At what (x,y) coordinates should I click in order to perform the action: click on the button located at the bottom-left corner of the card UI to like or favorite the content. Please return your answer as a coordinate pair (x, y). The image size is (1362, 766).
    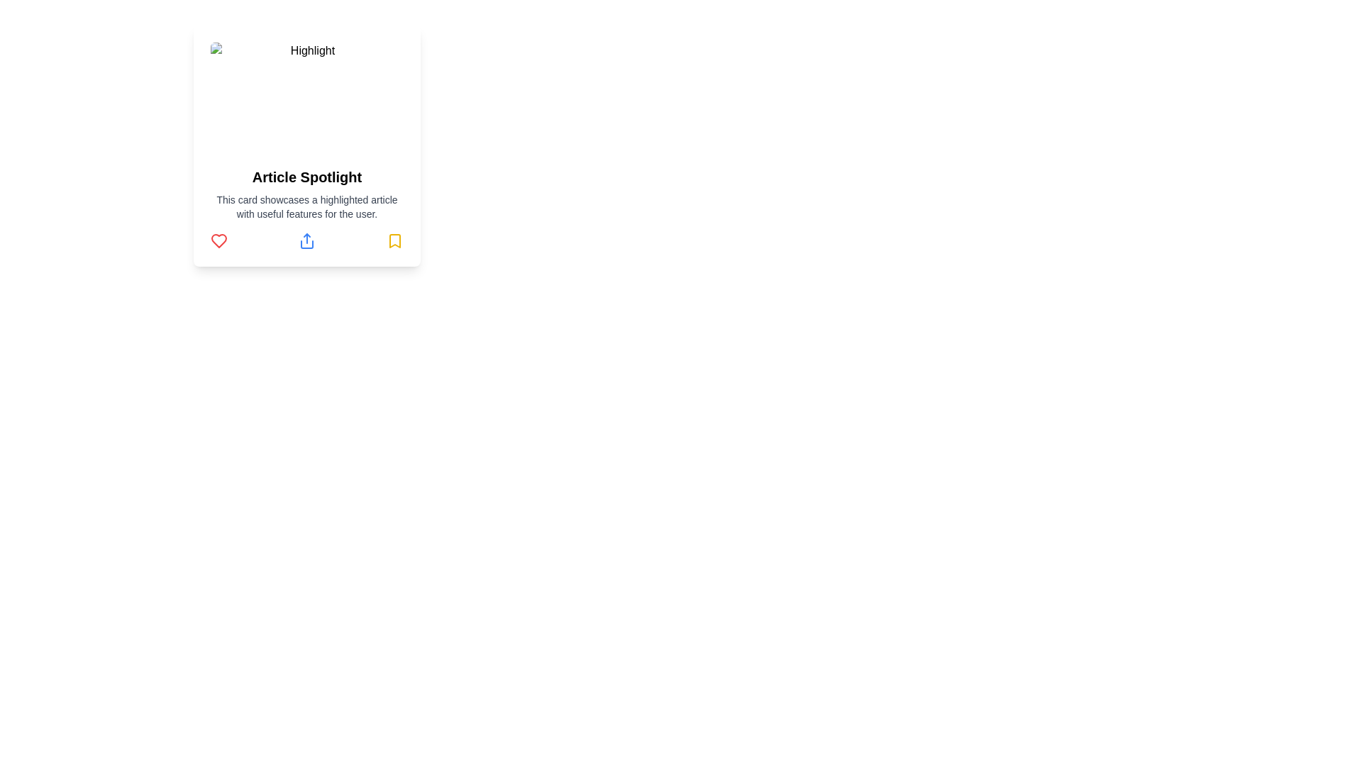
    Looking at the image, I should click on (218, 240).